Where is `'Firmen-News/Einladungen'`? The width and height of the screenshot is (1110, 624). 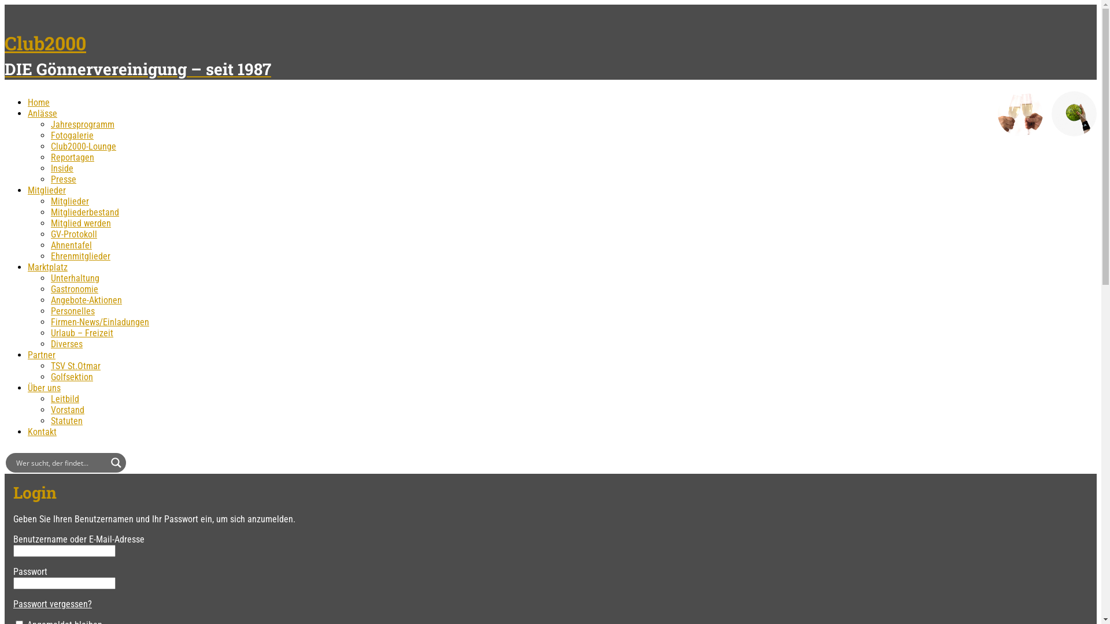
'Firmen-News/Einladungen' is located at coordinates (99, 322).